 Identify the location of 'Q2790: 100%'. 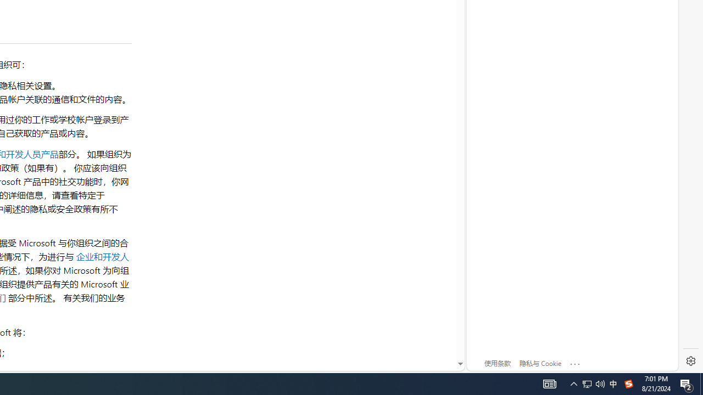
(587, 383).